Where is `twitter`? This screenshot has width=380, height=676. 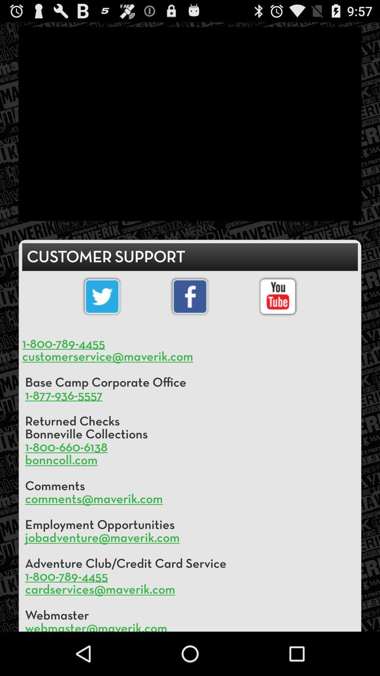
twitter is located at coordinates (102, 296).